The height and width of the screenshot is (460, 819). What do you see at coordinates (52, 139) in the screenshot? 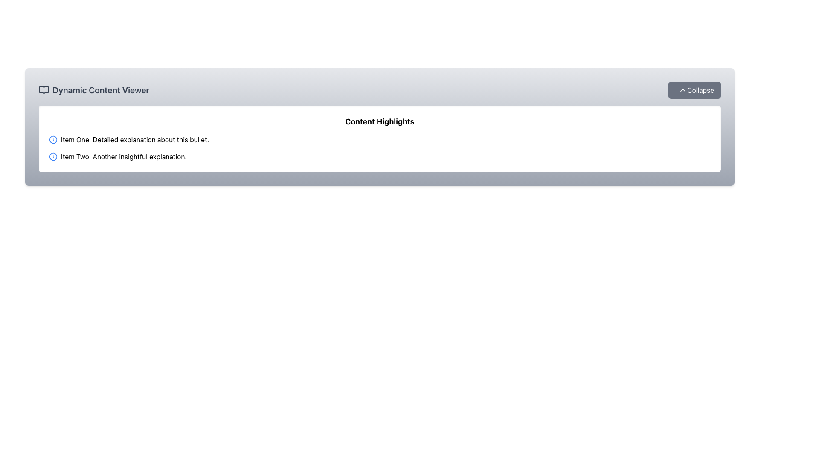
I see `informational icon located to the left of the text 'Item One: Detailed explanation about this bullet.'` at bounding box center [52, 139].